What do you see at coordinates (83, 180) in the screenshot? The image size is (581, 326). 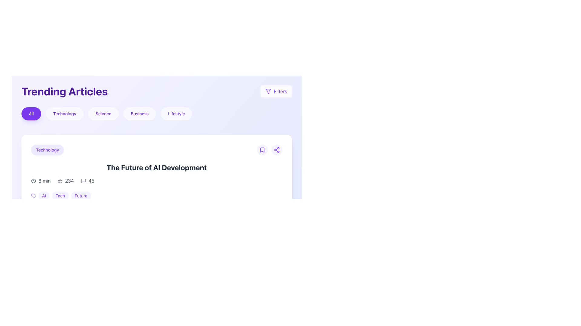 I see `the comment bubble icon located near the bottom-left corner of the highlighted article section` at bounding box center [83, 180].